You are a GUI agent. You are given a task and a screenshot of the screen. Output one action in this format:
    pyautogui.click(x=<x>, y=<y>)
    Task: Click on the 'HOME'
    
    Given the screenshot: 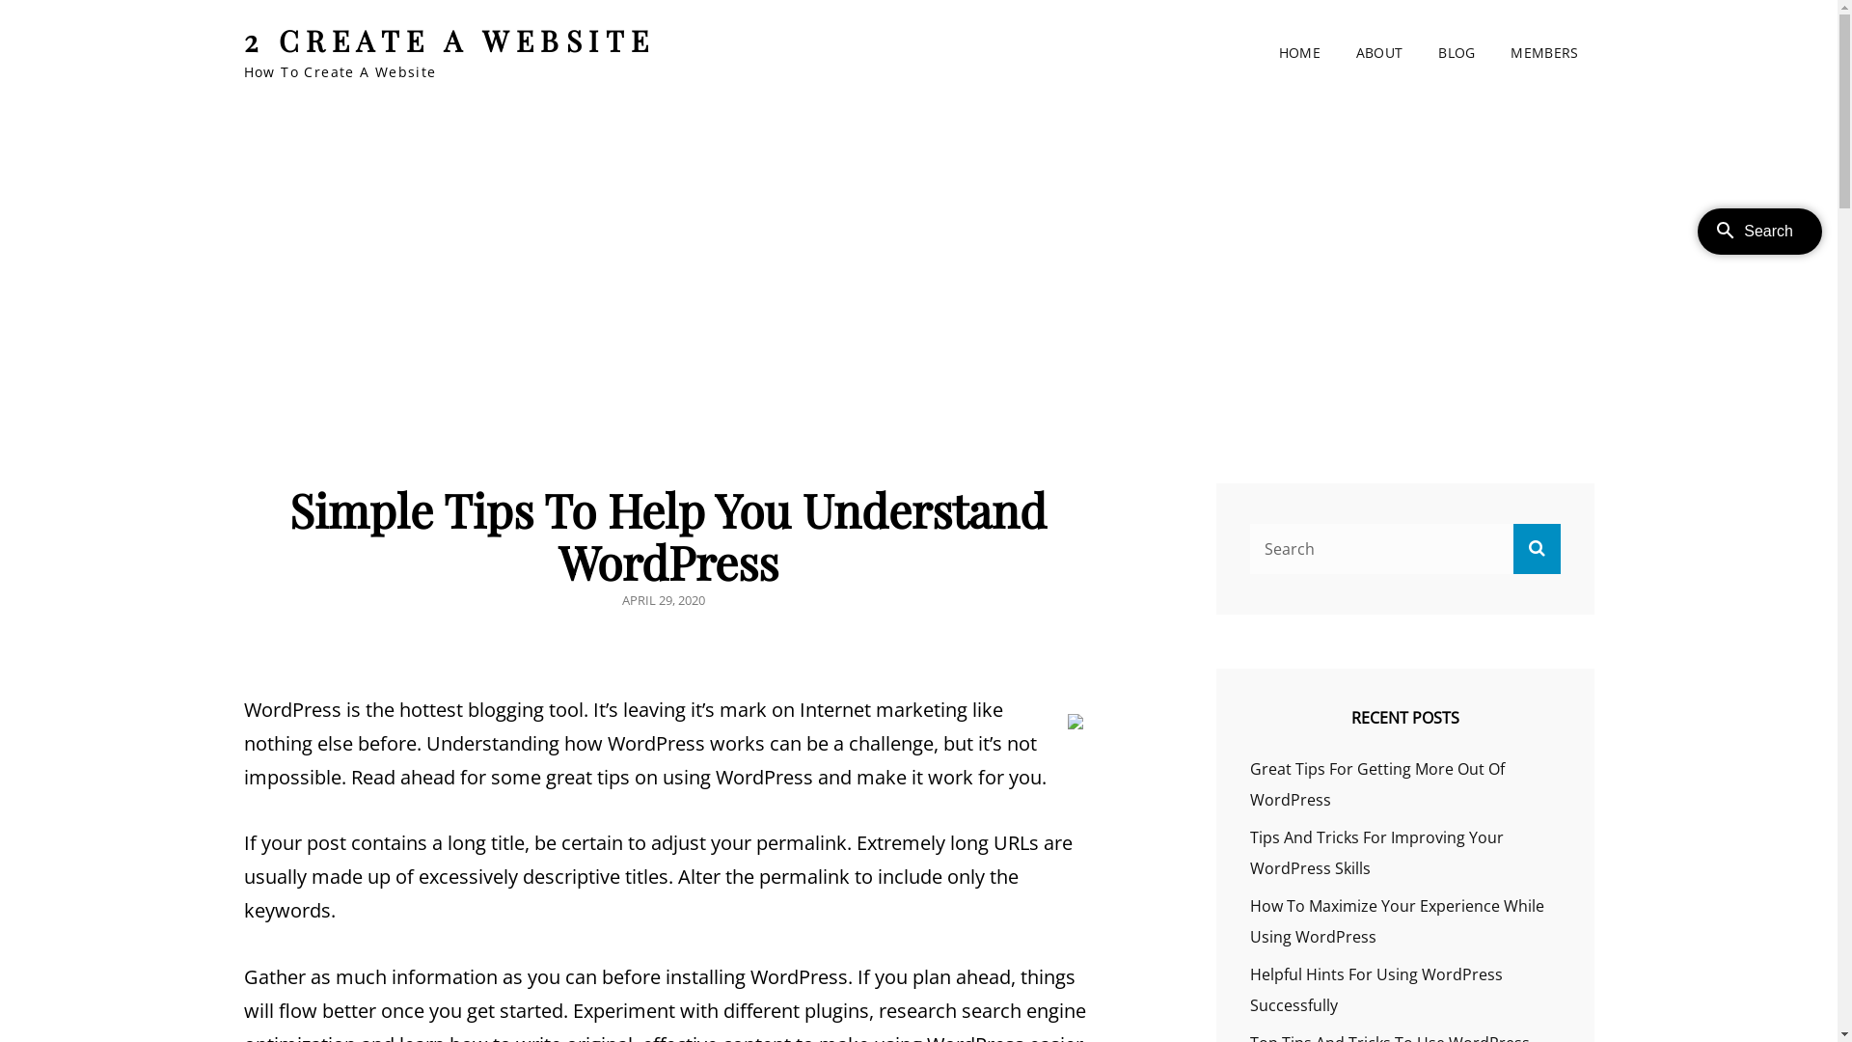 What is the action you would take?
    pyautogui.click(x=1299, y=51)
    